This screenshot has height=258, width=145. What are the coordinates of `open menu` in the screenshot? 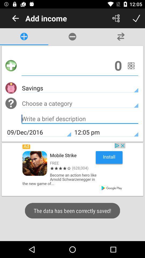 It's located at (116, 18).